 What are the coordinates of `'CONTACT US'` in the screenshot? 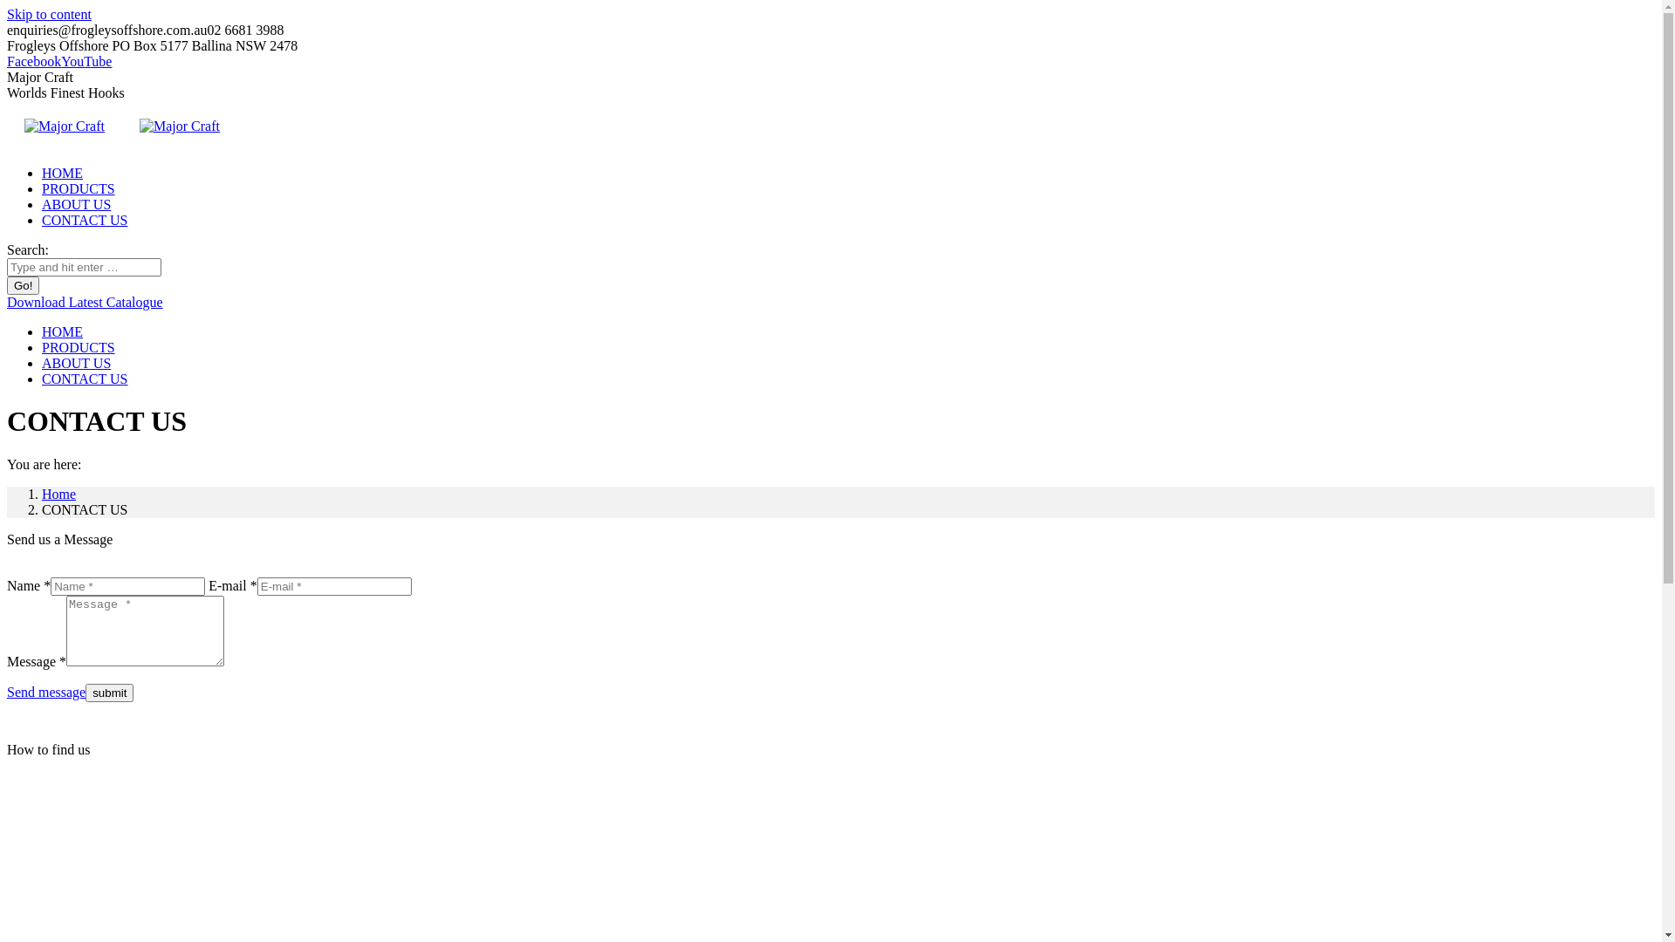 It's located at (83, 378).